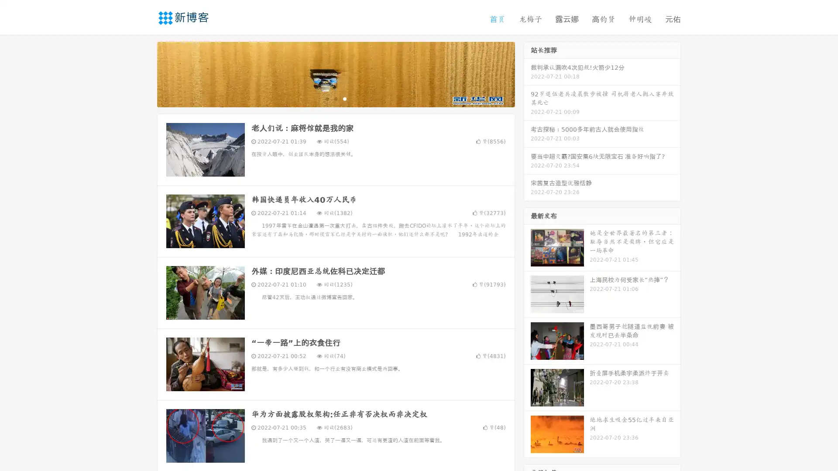 The height and width of the screenshot is (471, 838). I want to click on Go to slide 2, so click(335, 98).